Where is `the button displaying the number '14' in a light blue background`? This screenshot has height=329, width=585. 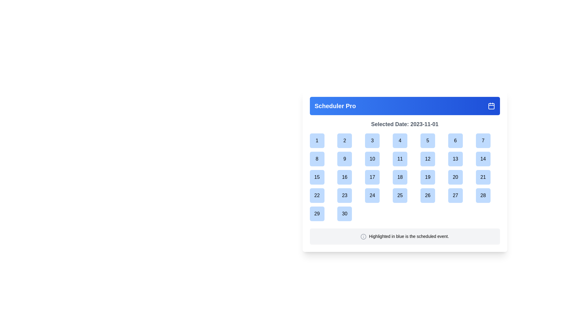 the button displaying the number '14' in a light blue background is located at coordinates (488, 158).